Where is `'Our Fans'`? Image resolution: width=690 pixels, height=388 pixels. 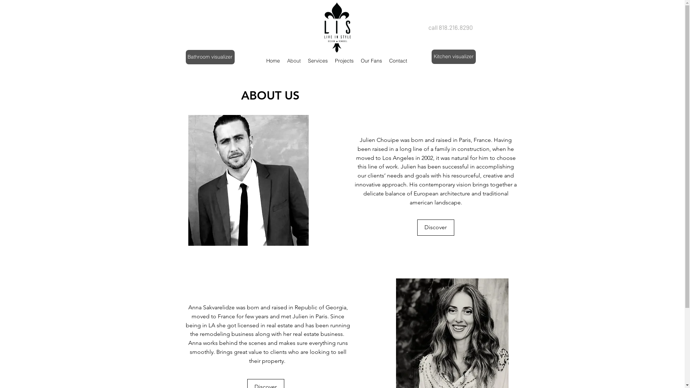 'Our Fans' is located at coordinates (357, 60).